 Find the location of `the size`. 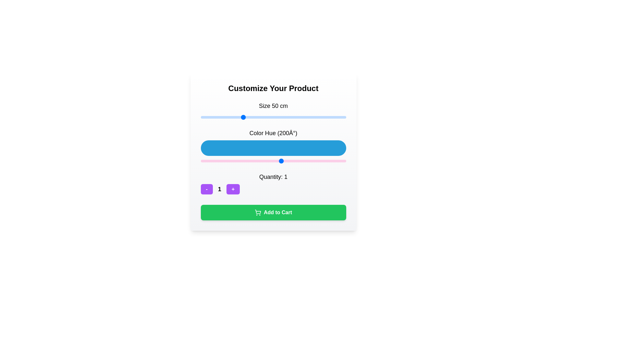

the size is located at coordinates (344, 117).